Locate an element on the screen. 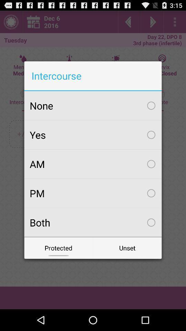 Image resolution: width=186 pixels, height=331 pixels. icon below the both checkbox is located at coordinates (59, 248).